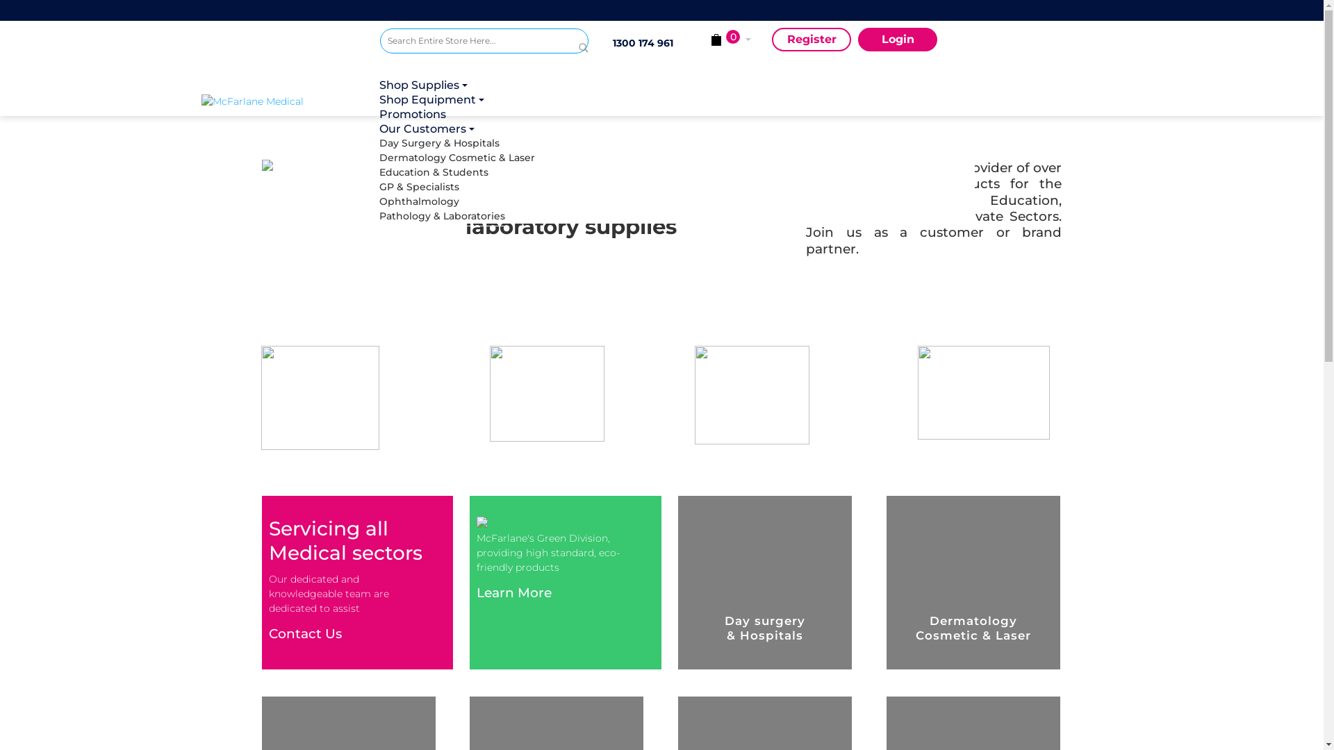 This screenshot has height=750, width=1334. I want to click on 'GP & Specialists', so click(418, 186).